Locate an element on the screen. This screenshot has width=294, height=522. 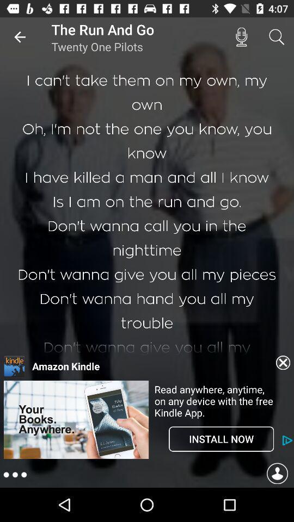
advertisement website is located at coordinates (76, 419).